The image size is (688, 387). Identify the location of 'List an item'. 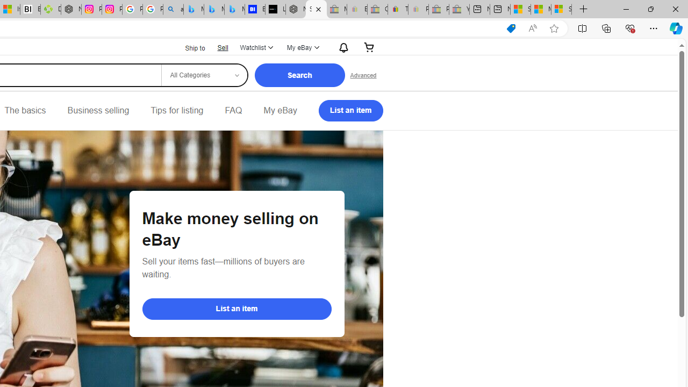
(236, 309).